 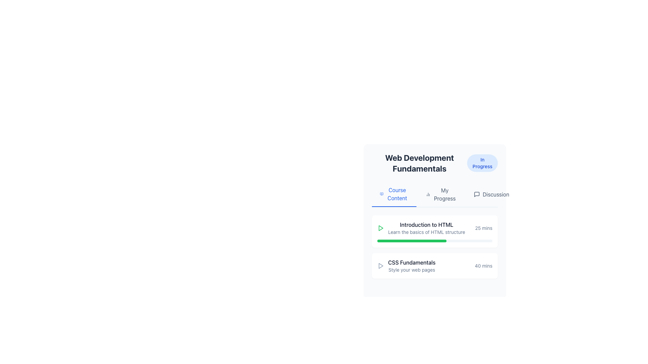 What do you see at coordinates (435, 240) in the screenshot?
I see `the completion progress of the slim horizontal progress bar located at the bottom of the 'Introduction to HTML' card, which has a light gray background and a green completed section` at bounding box center [435, 240].